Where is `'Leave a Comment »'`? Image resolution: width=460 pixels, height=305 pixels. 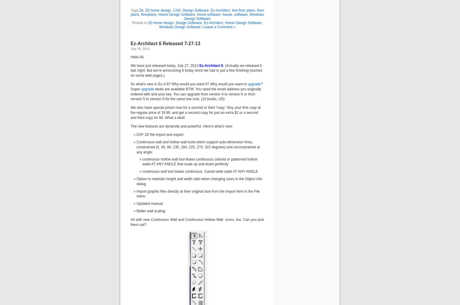
'Leave a Comment »' is located at coordinates (219, 26).